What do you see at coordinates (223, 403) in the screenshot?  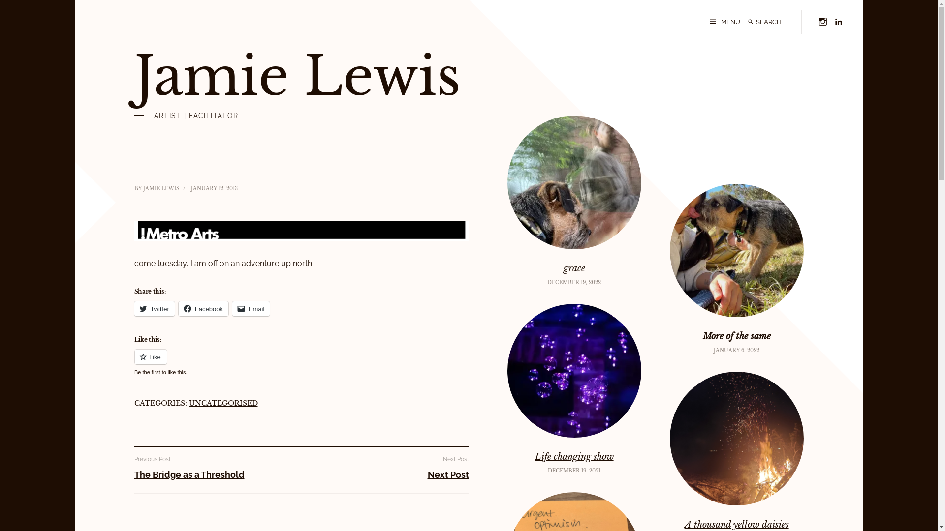 I see `'UNCATEGORISED'` at bounding box center [223, 403].